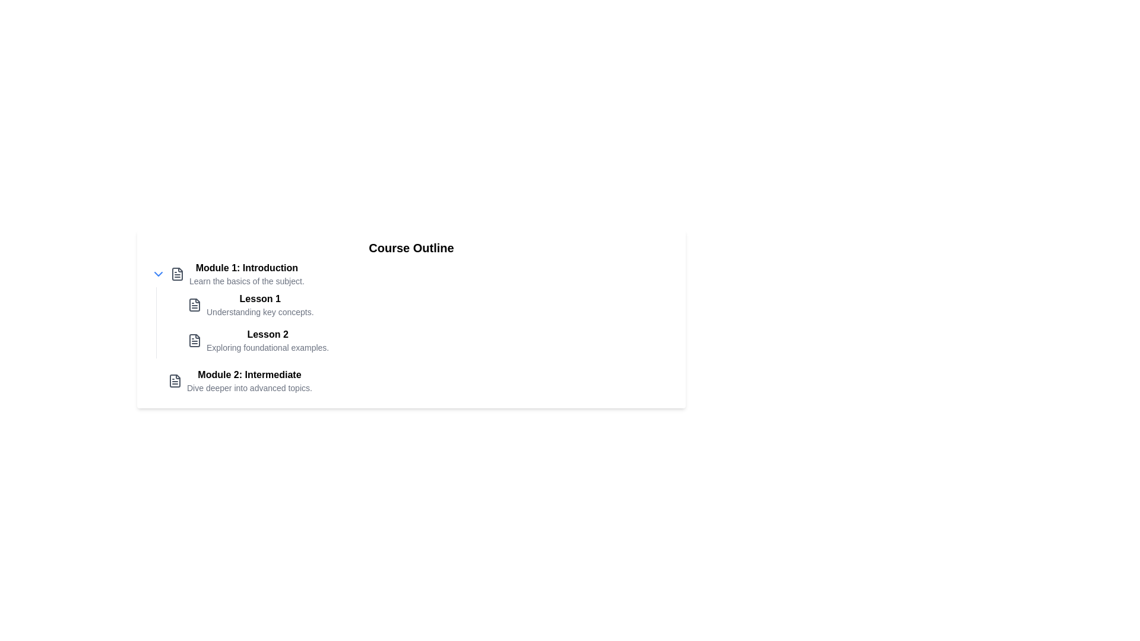 The height and width of the screenshot is (641, 1140). What do you see at coordinates (267, 334) in the screenshot?
I see `the text label indicating the title for the lesson item, which appears above 'Exploring foundational examples' and below 'Course Outline' in 'Module 1: Introduction'` at bounding box center [267, 334].